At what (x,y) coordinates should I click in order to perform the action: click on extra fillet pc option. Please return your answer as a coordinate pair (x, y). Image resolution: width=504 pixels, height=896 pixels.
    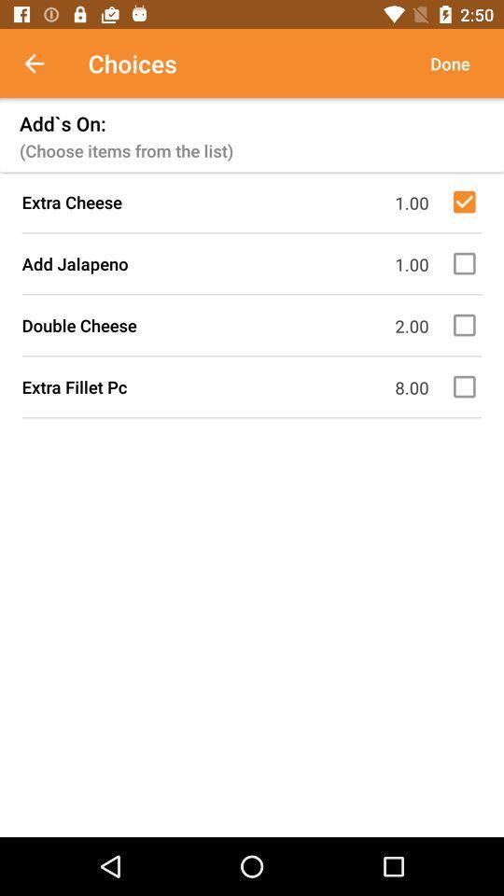
    Looking at the image, I should click on (467, 385).